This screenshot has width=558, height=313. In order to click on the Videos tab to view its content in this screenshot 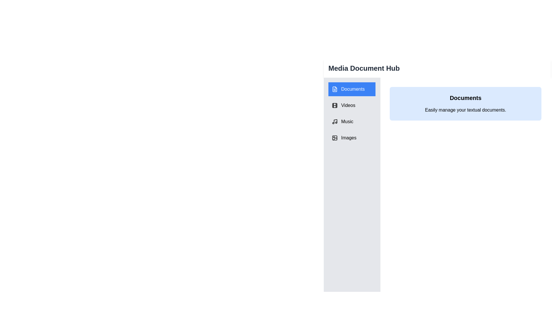, I will do `click(351, 105)`.